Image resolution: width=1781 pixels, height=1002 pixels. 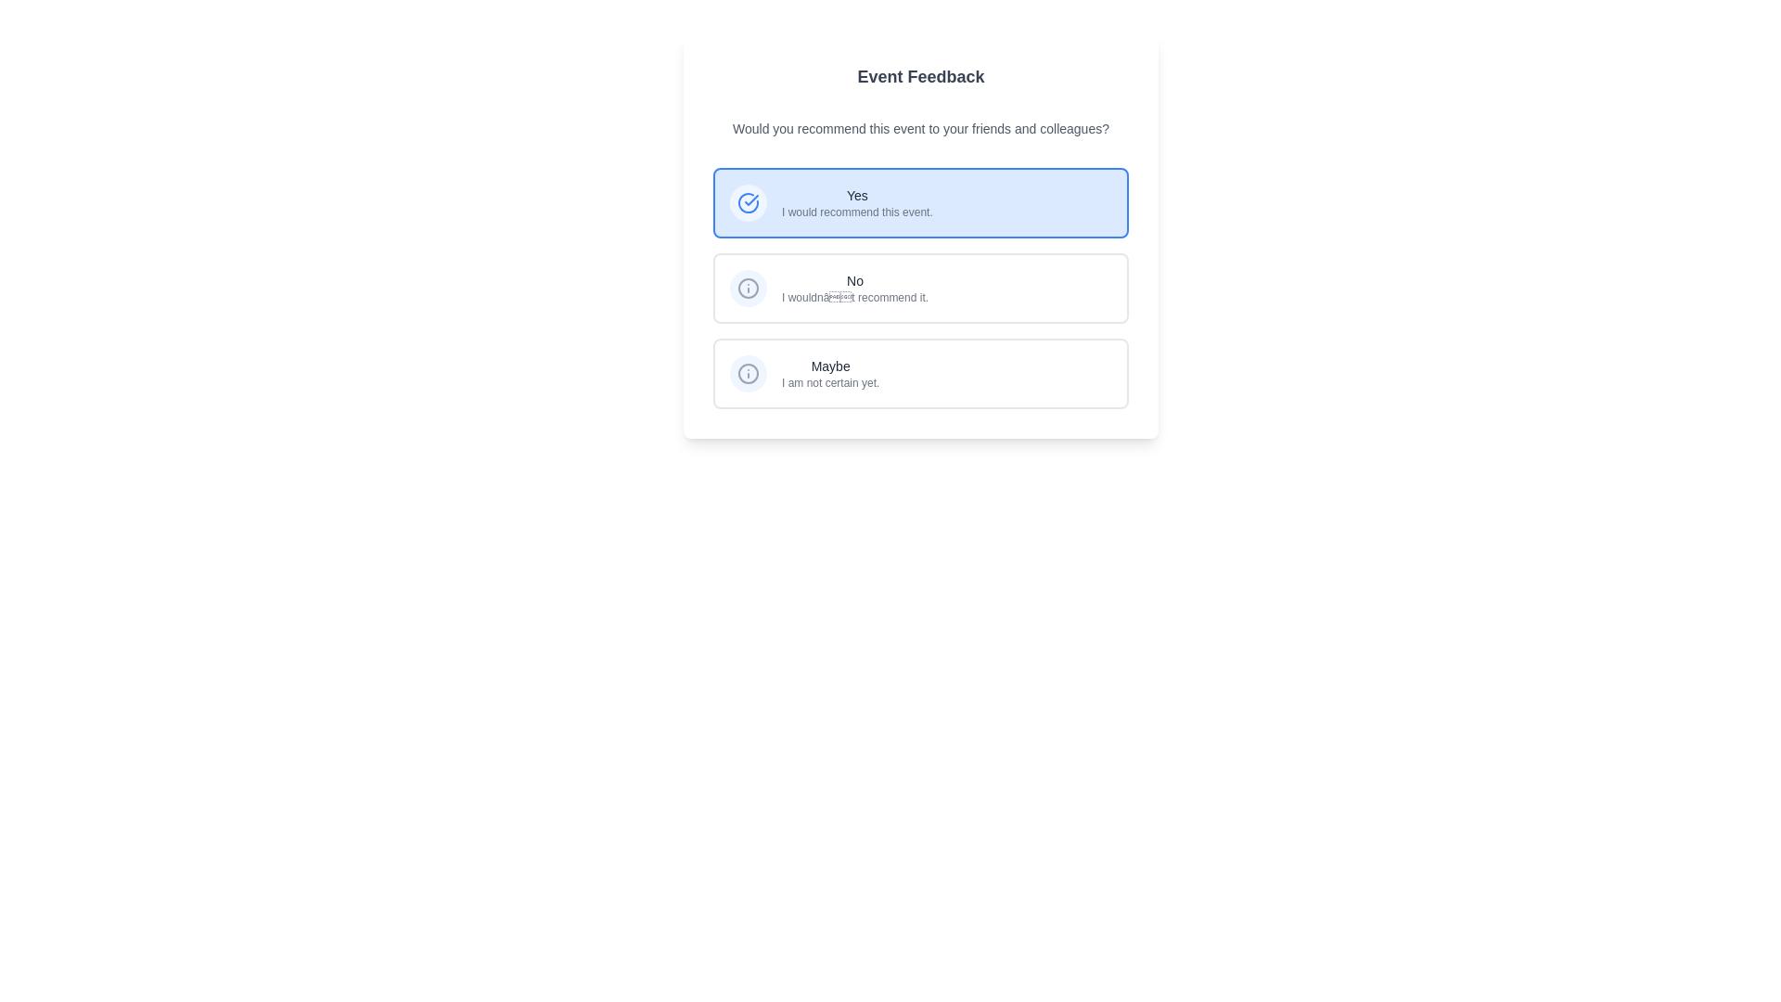 What do you see at coordinates (853, 281) in the screenshot?
I see `the text label 'No' that is displayed in regular font weight, located below the 'Yes' option in the middle selection of a vertical list of options` at bounding box center [853, 281].